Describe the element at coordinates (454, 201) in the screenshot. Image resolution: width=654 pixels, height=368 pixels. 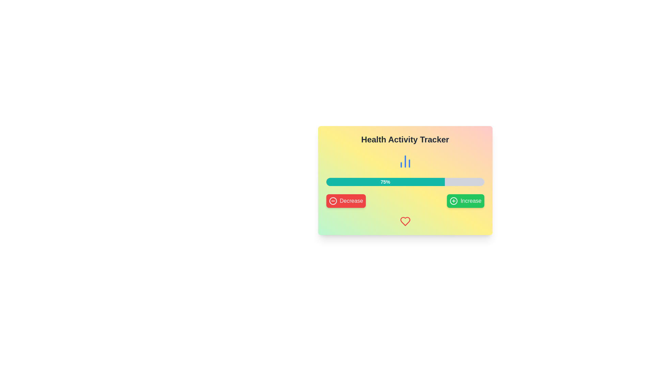
I see `the circular green icon with a plus sign inside the 'Increase' button` at that location.